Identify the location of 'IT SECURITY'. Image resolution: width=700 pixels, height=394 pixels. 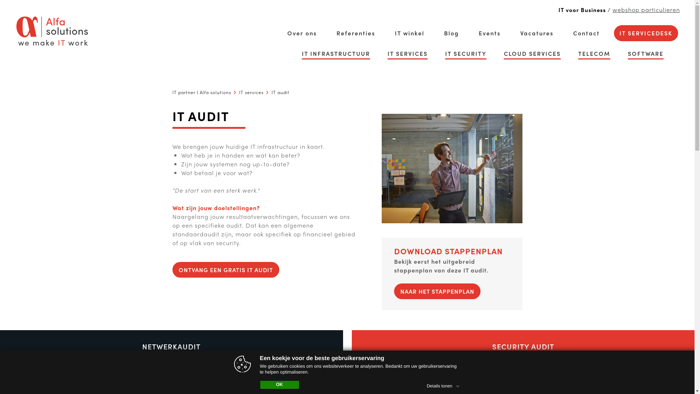
(465, 53).